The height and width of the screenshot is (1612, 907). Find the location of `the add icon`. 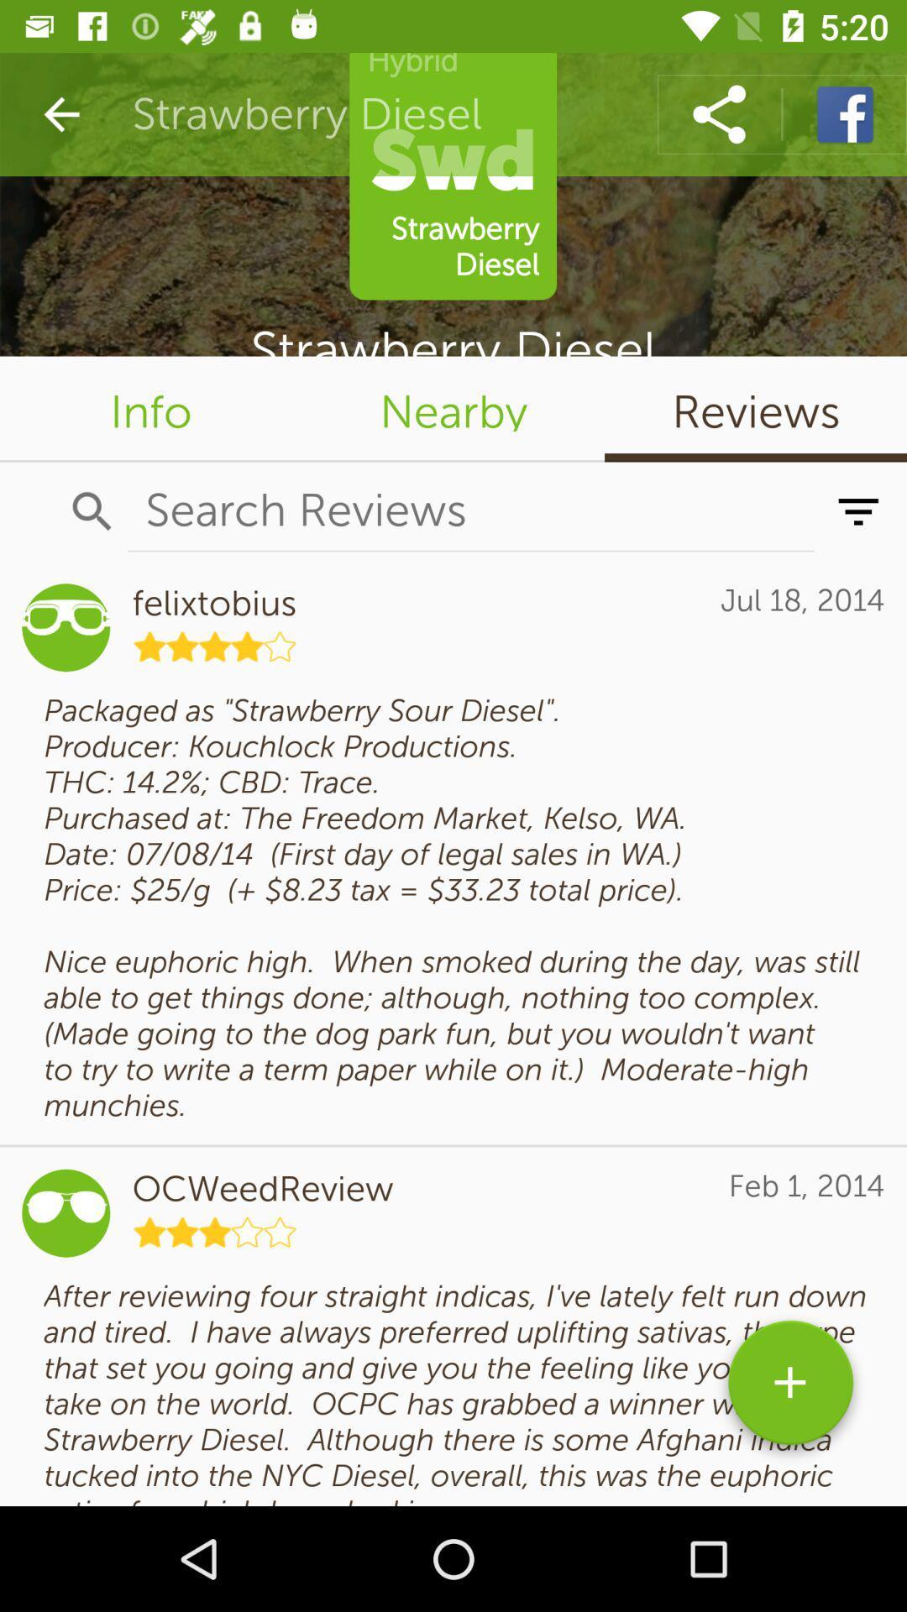

the add icon is located at coordinates (790, 1389).